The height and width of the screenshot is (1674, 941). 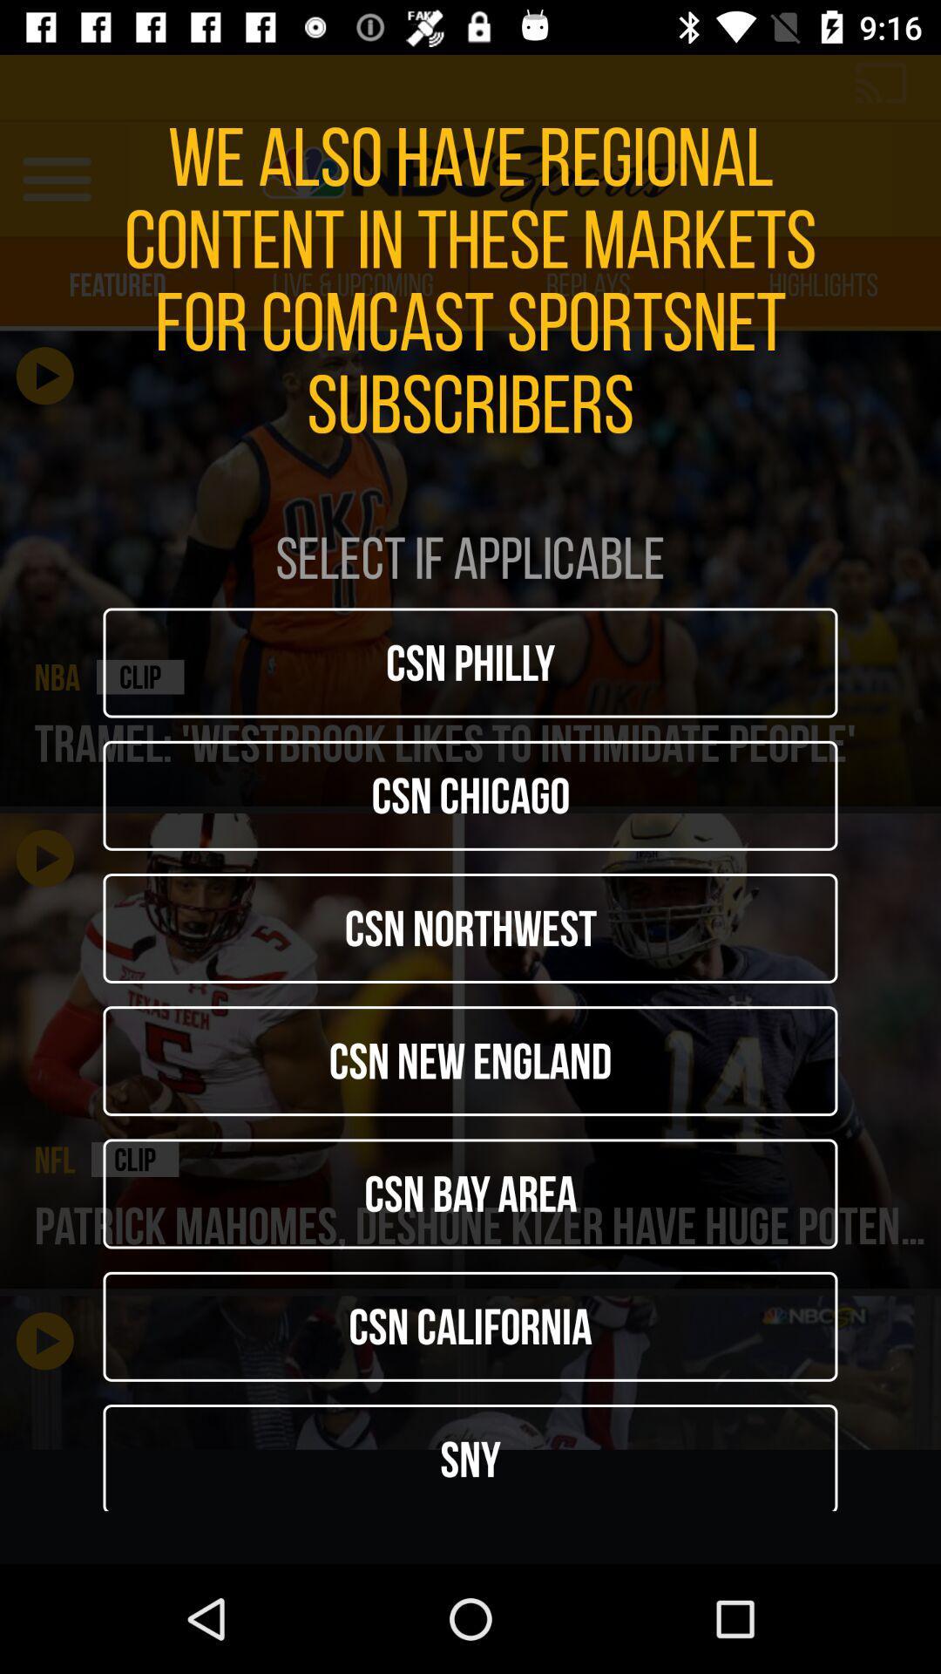 I want to click on icon below select if applicable, so click(x=470, y=662).